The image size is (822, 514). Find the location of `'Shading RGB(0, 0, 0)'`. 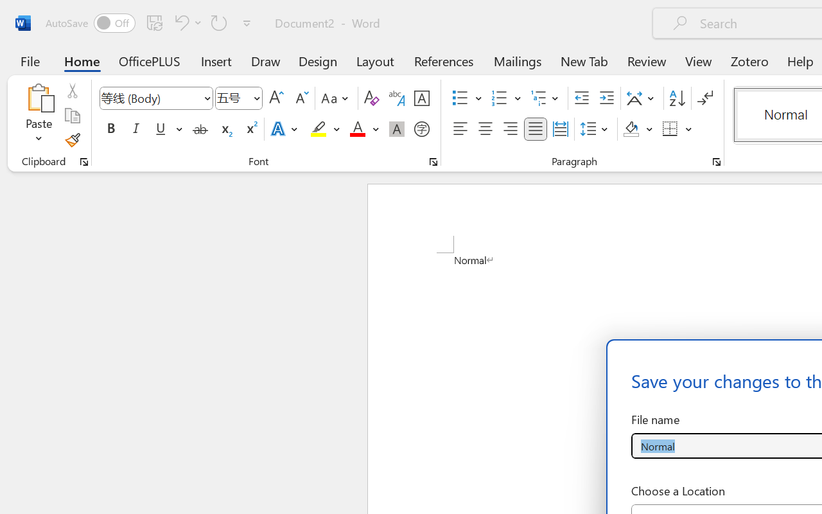

'Shading RGB(0, 0, 0)' is located at coordinates (631, 129).